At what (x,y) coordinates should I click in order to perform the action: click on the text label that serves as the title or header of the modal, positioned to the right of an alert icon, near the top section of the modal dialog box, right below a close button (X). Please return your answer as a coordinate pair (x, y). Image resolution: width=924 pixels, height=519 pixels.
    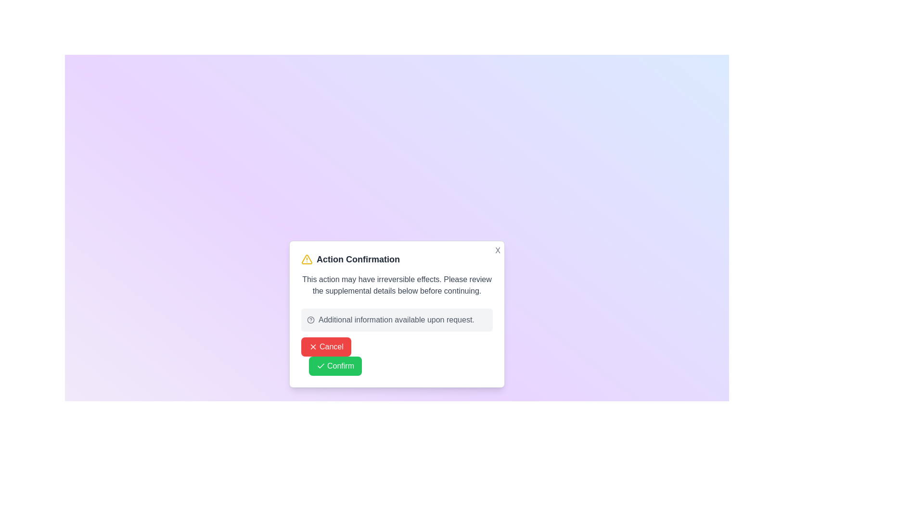
    Looking at the image, I should click on (358, 259).